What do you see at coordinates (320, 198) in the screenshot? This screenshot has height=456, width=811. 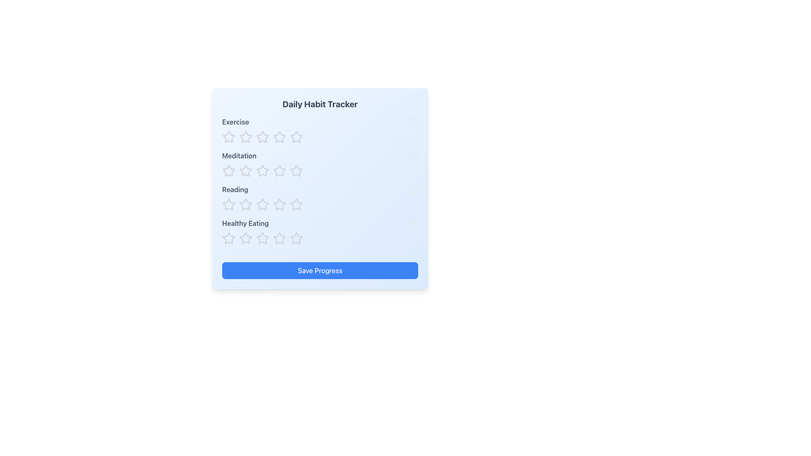 I see `the rating stars for the 'Reading' habit tracking feature` at bounding box center [320, 198].